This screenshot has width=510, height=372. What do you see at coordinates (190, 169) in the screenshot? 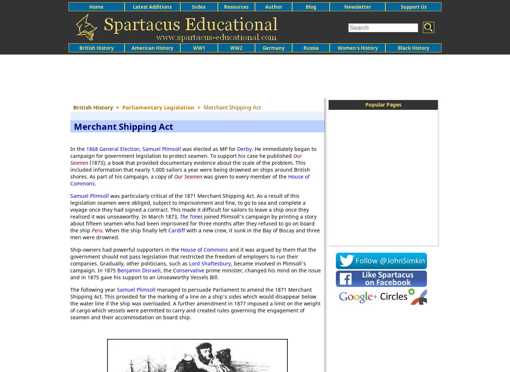
I see `'(1873), a book that provided documentary evidence about the scale of the problem. This included information that nearly 1,000 sailors a year were being drowned on ships around British shores. As part of his campaign, a copy of'` at bounding box center [190, 169].